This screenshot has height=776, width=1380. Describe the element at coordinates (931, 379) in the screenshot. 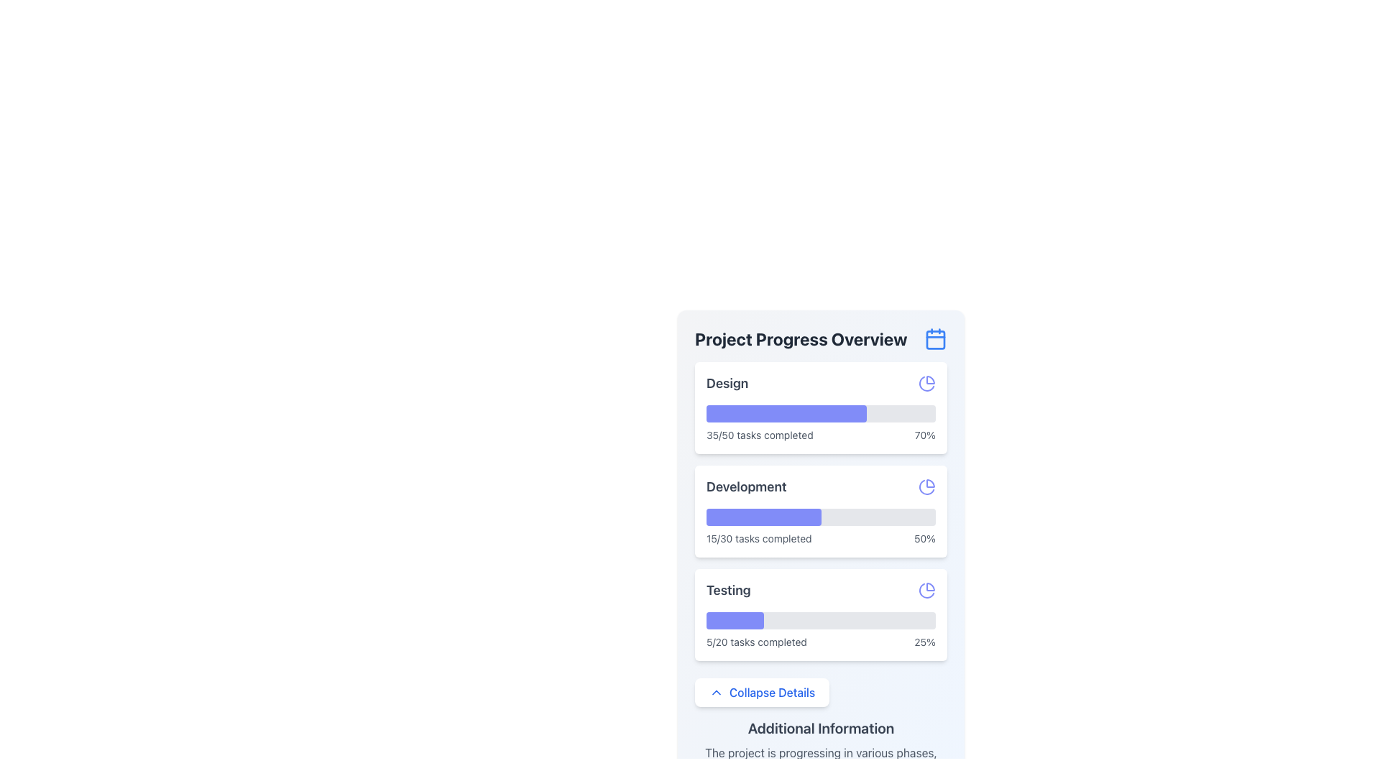

I see `the right segment of the pie chart icon representing the 'Design' item in the Project Progress Overview section if interactive functionality is available` at that location.